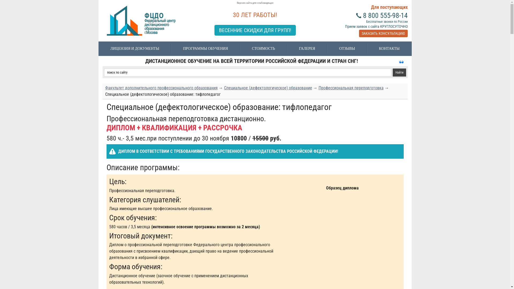  I want to click on '8 800 555-98-14', so click(385, 15).